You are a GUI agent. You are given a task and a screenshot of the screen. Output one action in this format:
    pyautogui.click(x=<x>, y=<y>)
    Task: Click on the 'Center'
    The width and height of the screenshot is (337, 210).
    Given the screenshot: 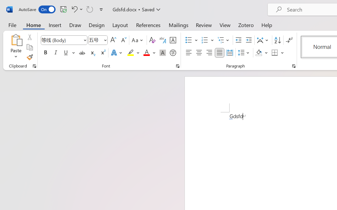 What is the action you would take?
    pyautogui.click(x=199, y=53)
    